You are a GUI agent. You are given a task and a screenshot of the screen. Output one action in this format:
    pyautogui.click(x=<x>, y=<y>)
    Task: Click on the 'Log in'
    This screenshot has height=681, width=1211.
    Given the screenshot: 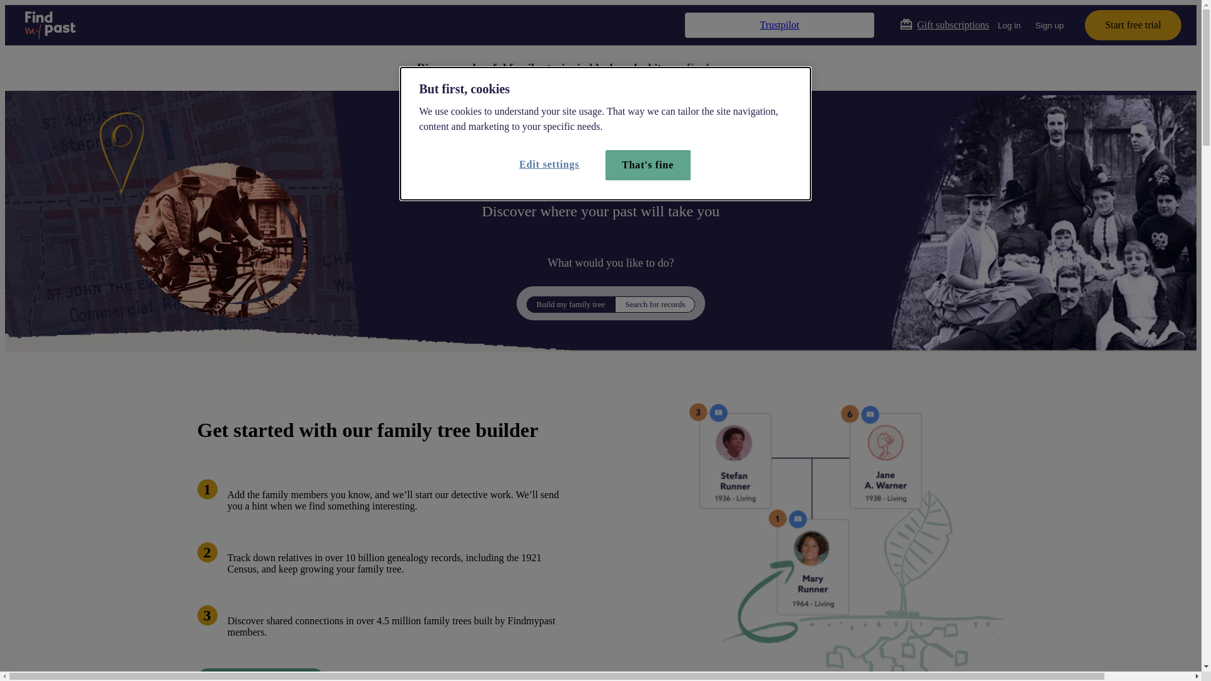 What is the action you would take?
    pyautogui.click(x=1008, y=25)
    